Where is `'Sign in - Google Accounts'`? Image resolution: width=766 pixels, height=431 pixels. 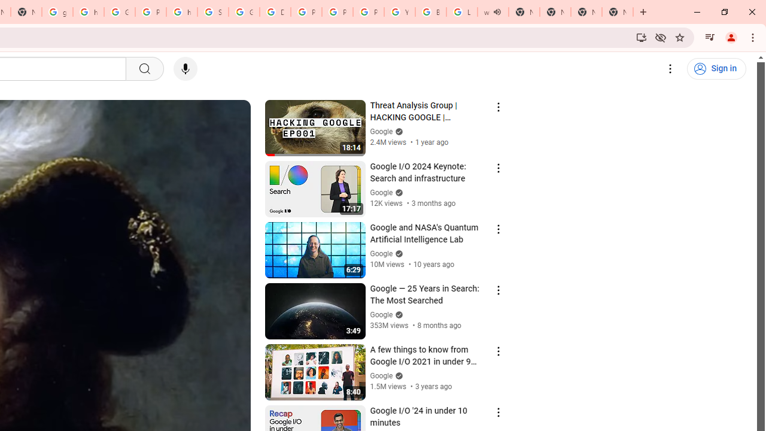 'Sign in - Google Accounts' is located at coordinates (212, 12).